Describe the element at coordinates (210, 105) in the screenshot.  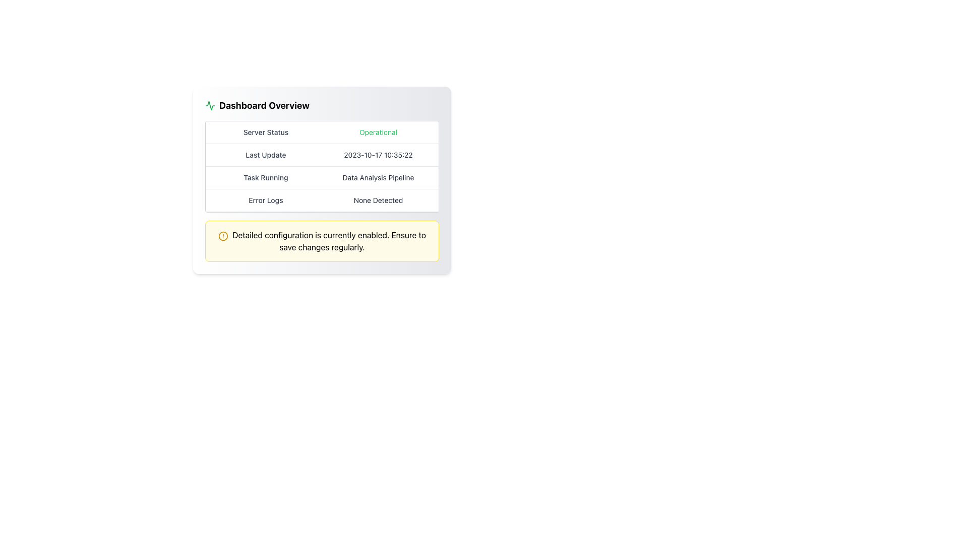
I see `the green-colored activity icon located to the left of the 'Dashboard Overview' text in the top-left corner of the section` at that location.